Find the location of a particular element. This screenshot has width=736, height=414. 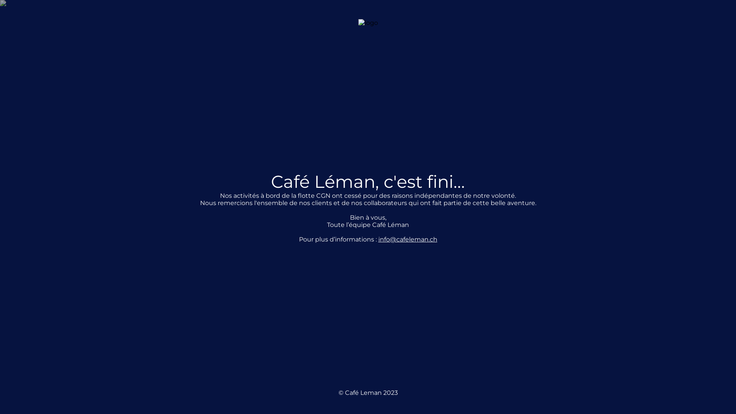

'info@cafeleman.ch' is located at coordinates (407, 239).